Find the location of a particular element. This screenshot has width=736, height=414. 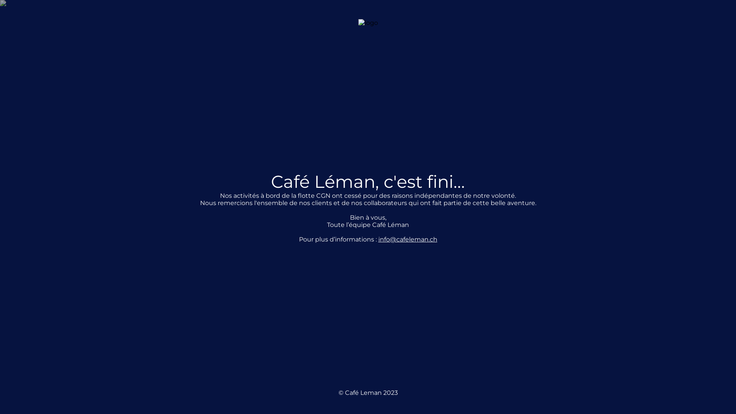

'info@cafeleman.ch' is located at coordinates (407, 239).